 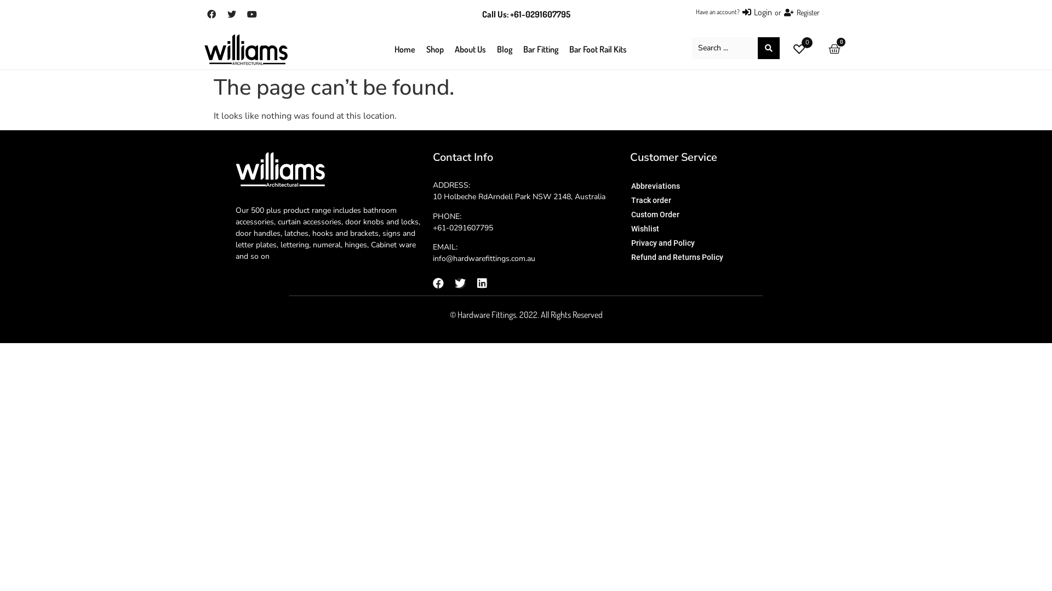 What do you see at coordinates (434, 48) in the screenshot?
I see `'Shop'` at bounding box center [434, 48].